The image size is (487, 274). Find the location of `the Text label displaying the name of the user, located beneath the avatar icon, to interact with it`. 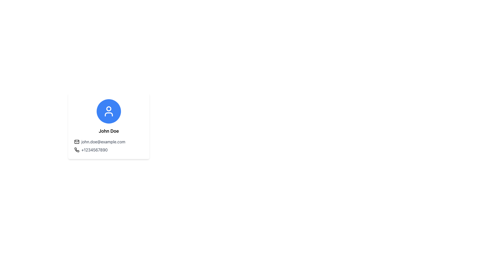

the Text label displaying the name of the user, located beneath the avatar icon, to interact with it is located at coordinates (108, 131).